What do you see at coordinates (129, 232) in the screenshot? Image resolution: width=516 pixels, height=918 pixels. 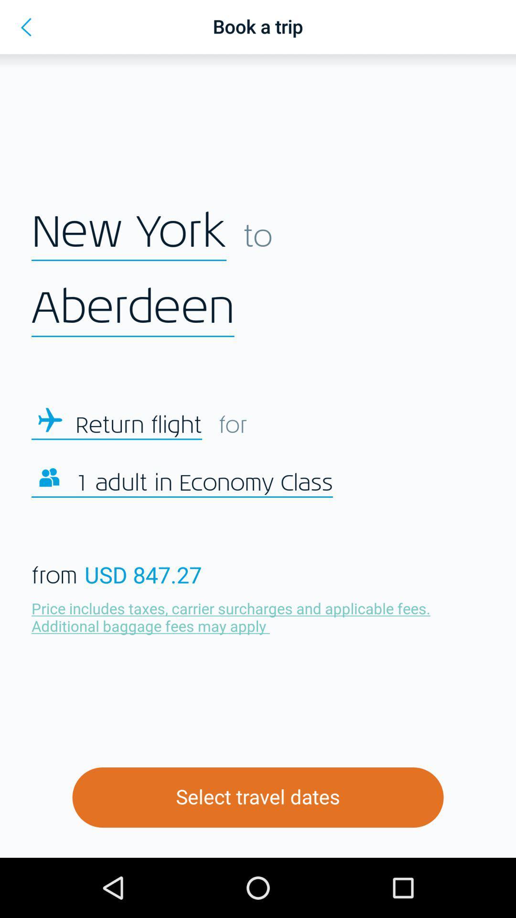 I see `the item to the left of to icon` at bounding box center [129, 232].